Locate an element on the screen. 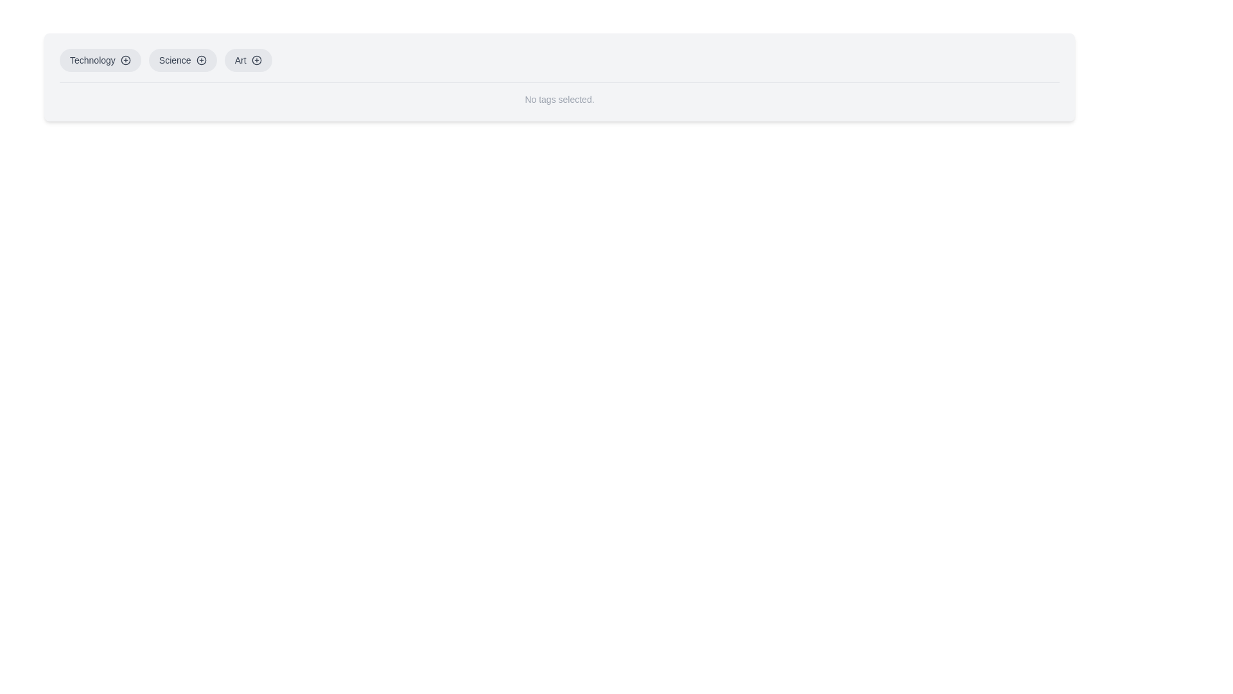 Image resolution: width=1233 pixels, height=694 pixels. the circular plus icon located to the right of the 'Technology' label within the button component at the top-left corner of the interface is located at coordinates (125, 60).